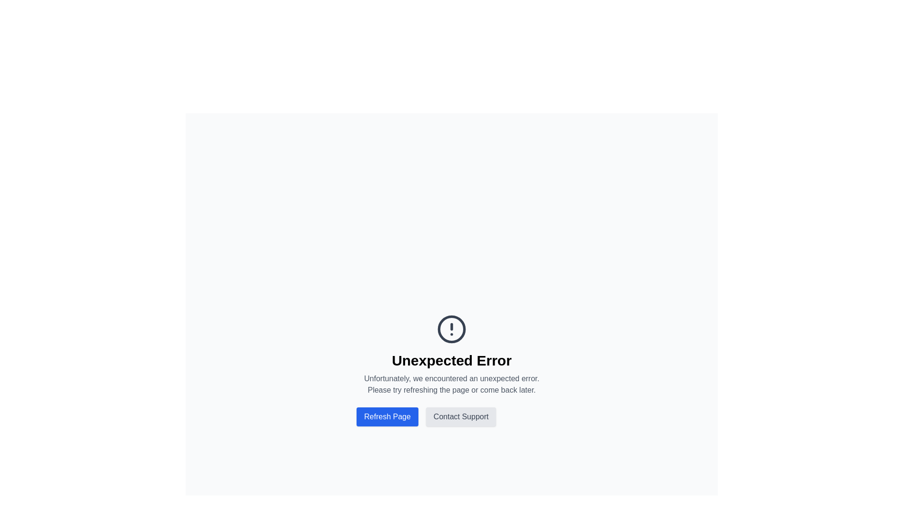 The width and height of the screenshot is (914, 514). I want to click on the refresh button located to the left of the 'Contact Support' button, which is designed to reload the current page and address the error situation above it, so click(387, 416).